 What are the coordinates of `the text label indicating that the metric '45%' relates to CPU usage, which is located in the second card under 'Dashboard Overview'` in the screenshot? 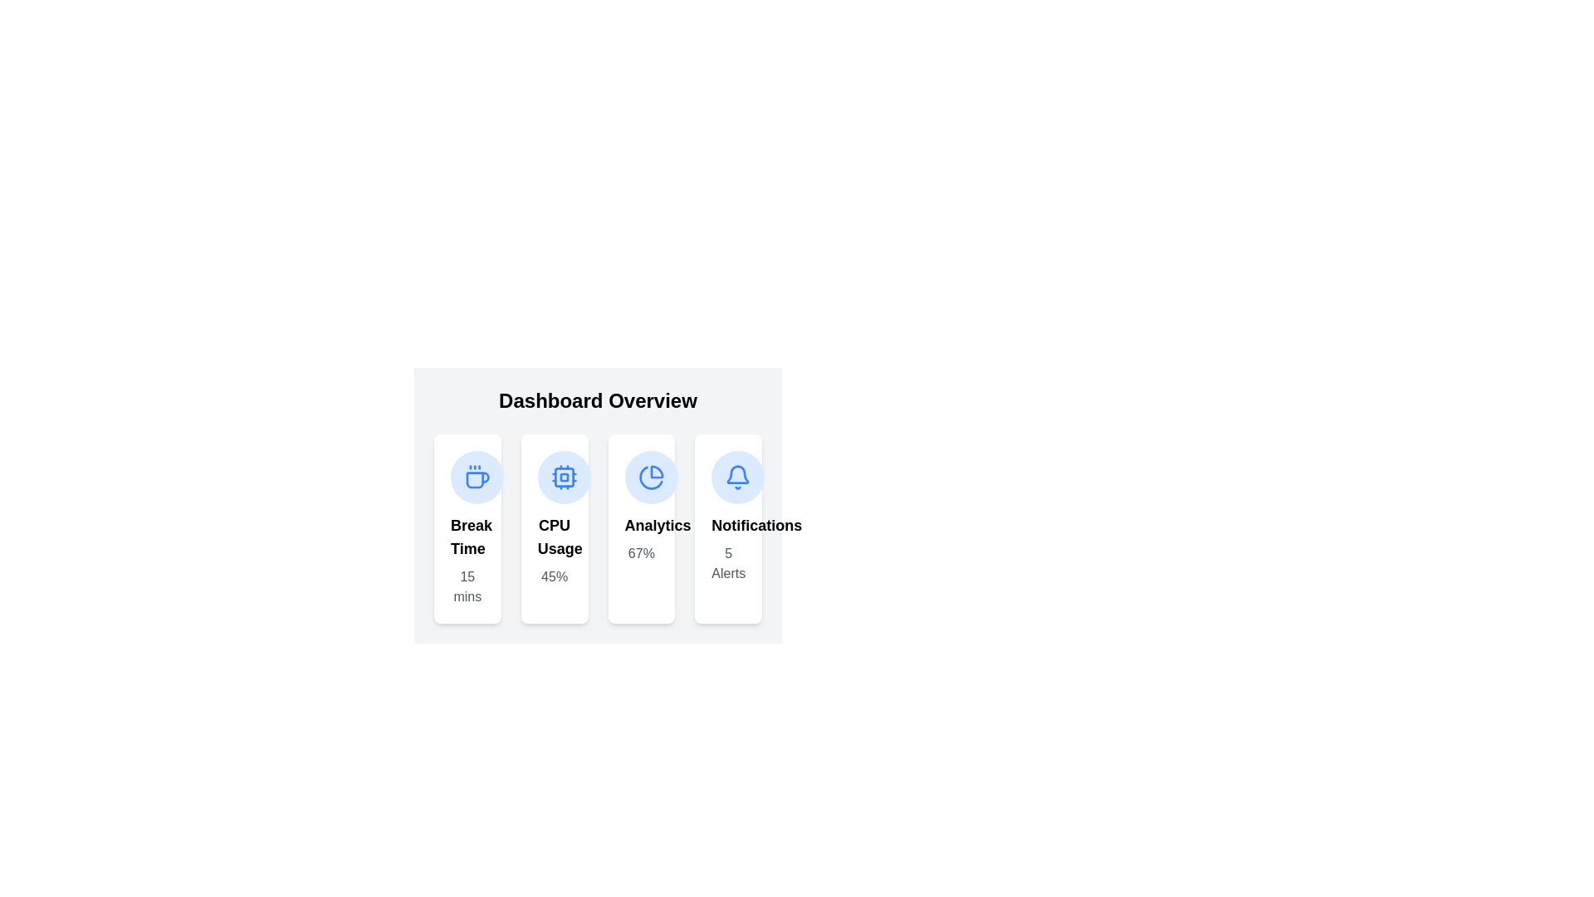 It's located at (555, 537).